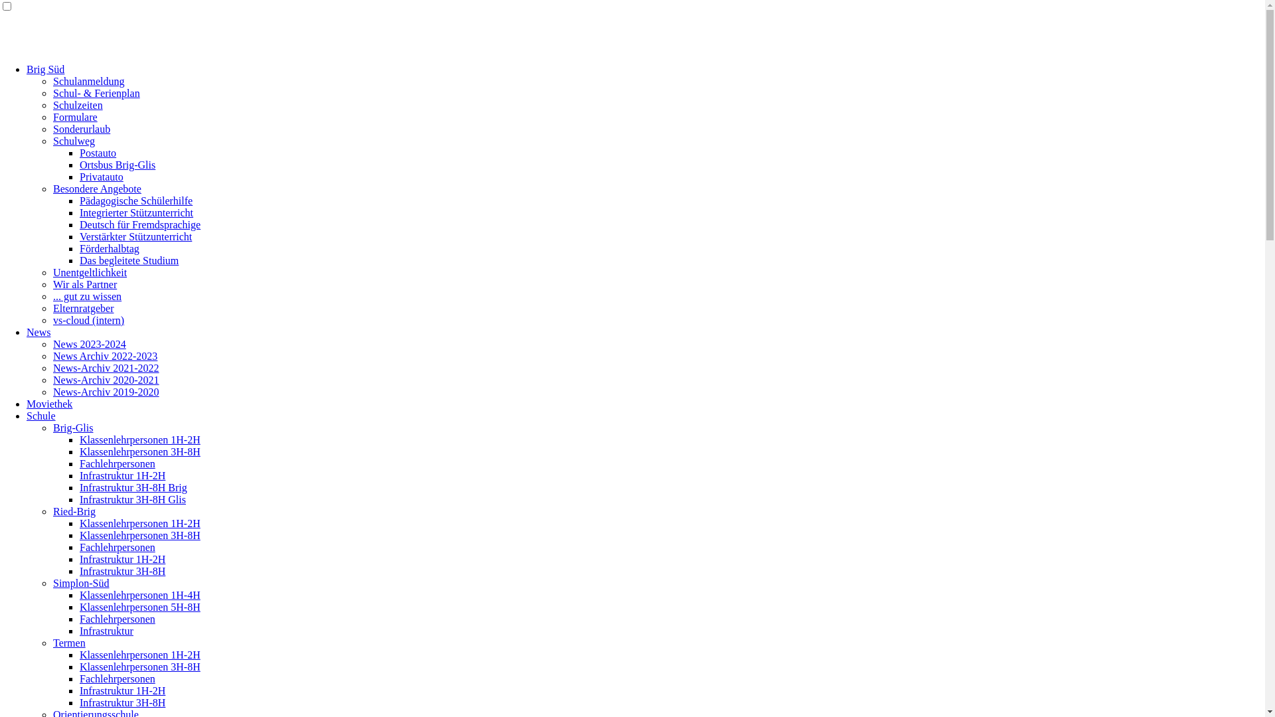  What do you see at coordinates (129, 260) in the screenshot?
I see `'Das begleitete Studium'` at bounding box center [129, 260].